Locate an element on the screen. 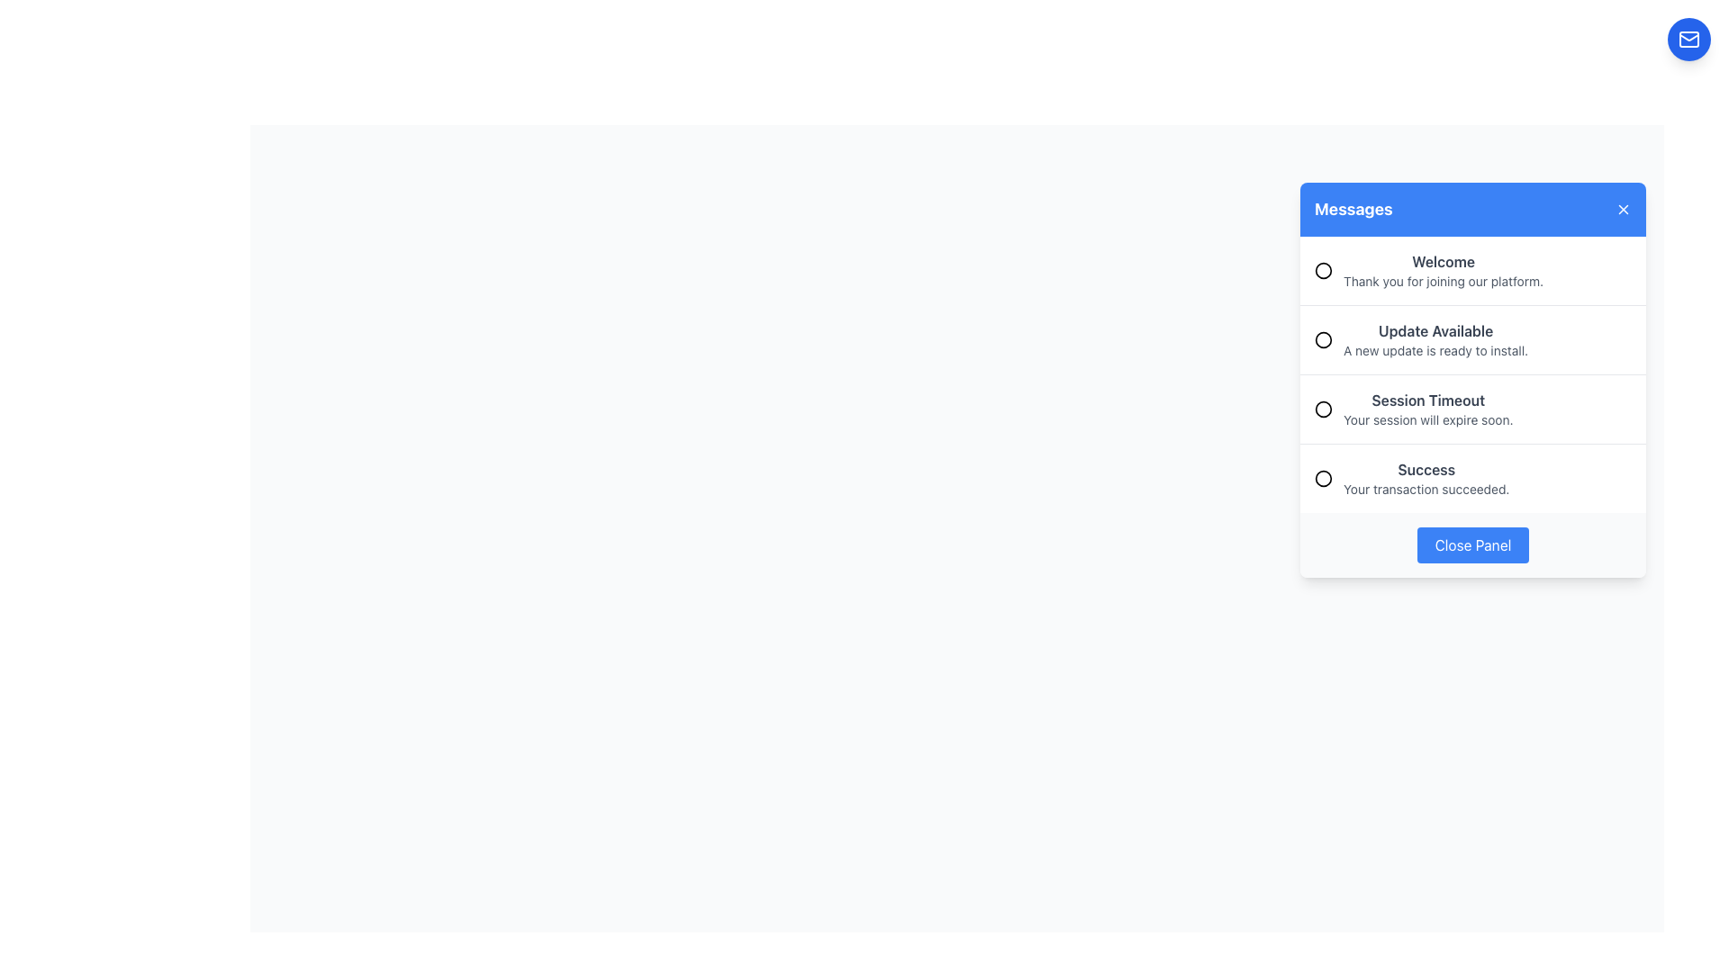  the second notification item in the 'Messages' list, which has a blue circular icon and contains the text 'Update Available' followed by 'A new update is ready to install.' is located at coordinates (1473, 339).